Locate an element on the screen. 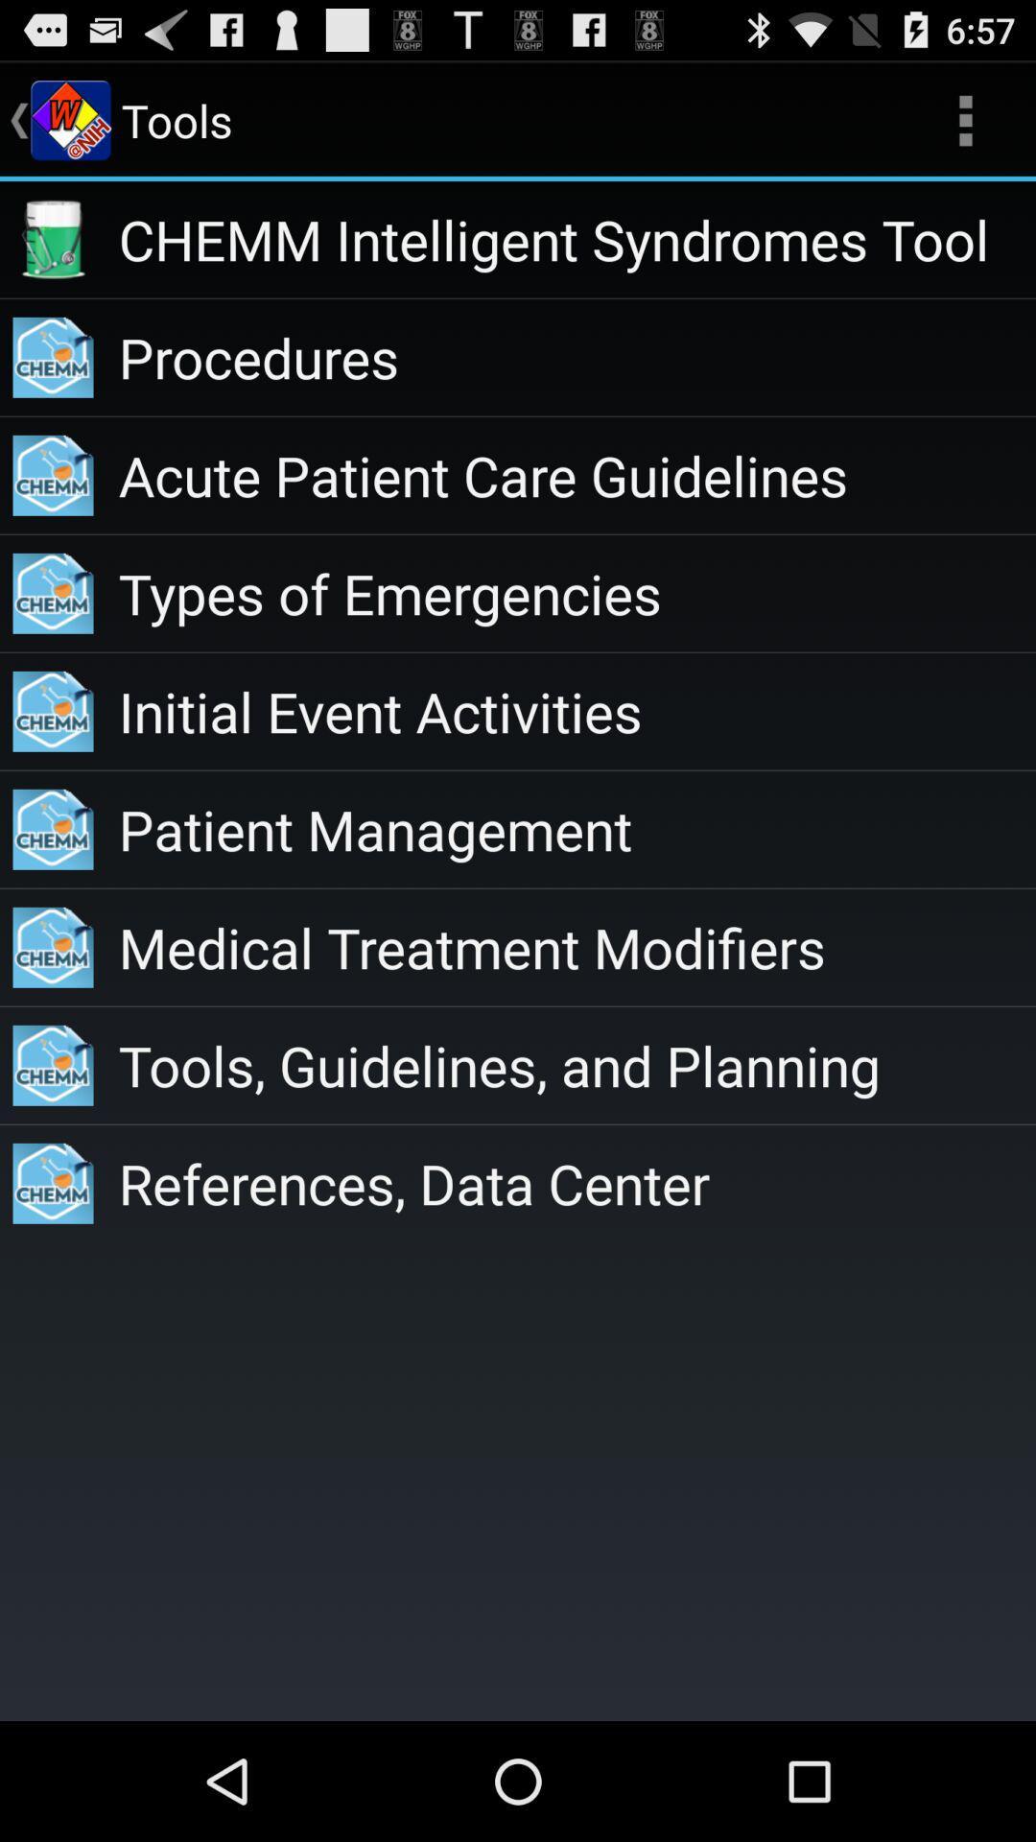  app above types of emergencies icon is located at coordinates (576, 475).